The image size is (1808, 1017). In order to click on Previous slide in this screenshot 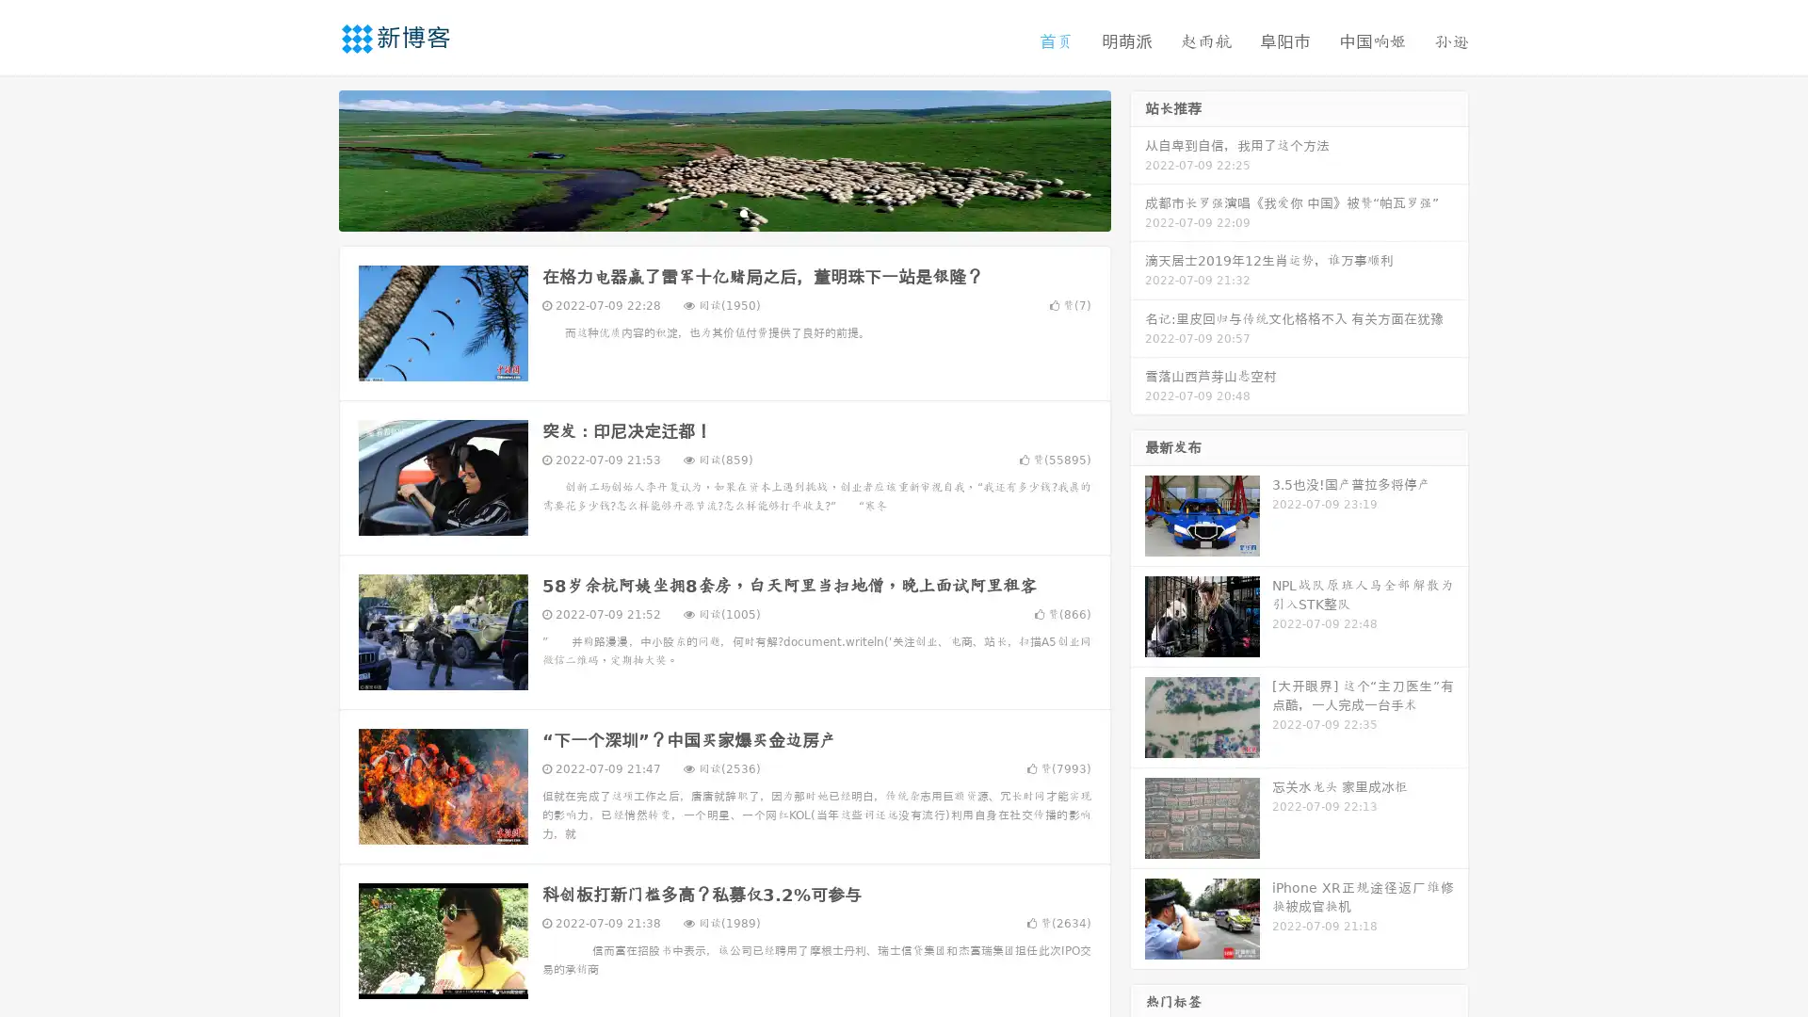, I will do `click(311, 158)`.